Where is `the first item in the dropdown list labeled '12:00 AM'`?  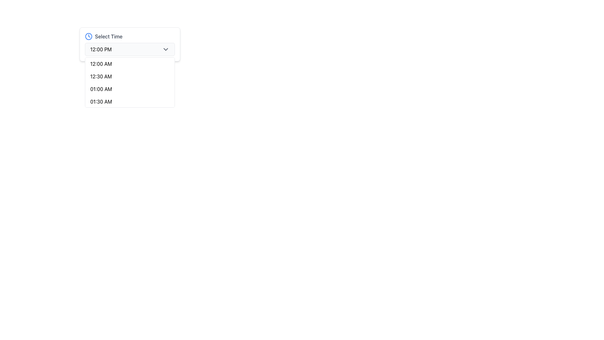
the first item in the dropdown list labeled '12:00 AM' is located at coordinates (129, 64).